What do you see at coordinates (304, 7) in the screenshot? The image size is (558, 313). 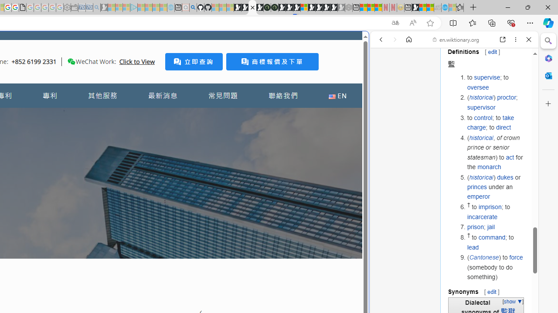 I see `'Sign in to your account'` at bounding box center [304, 7].